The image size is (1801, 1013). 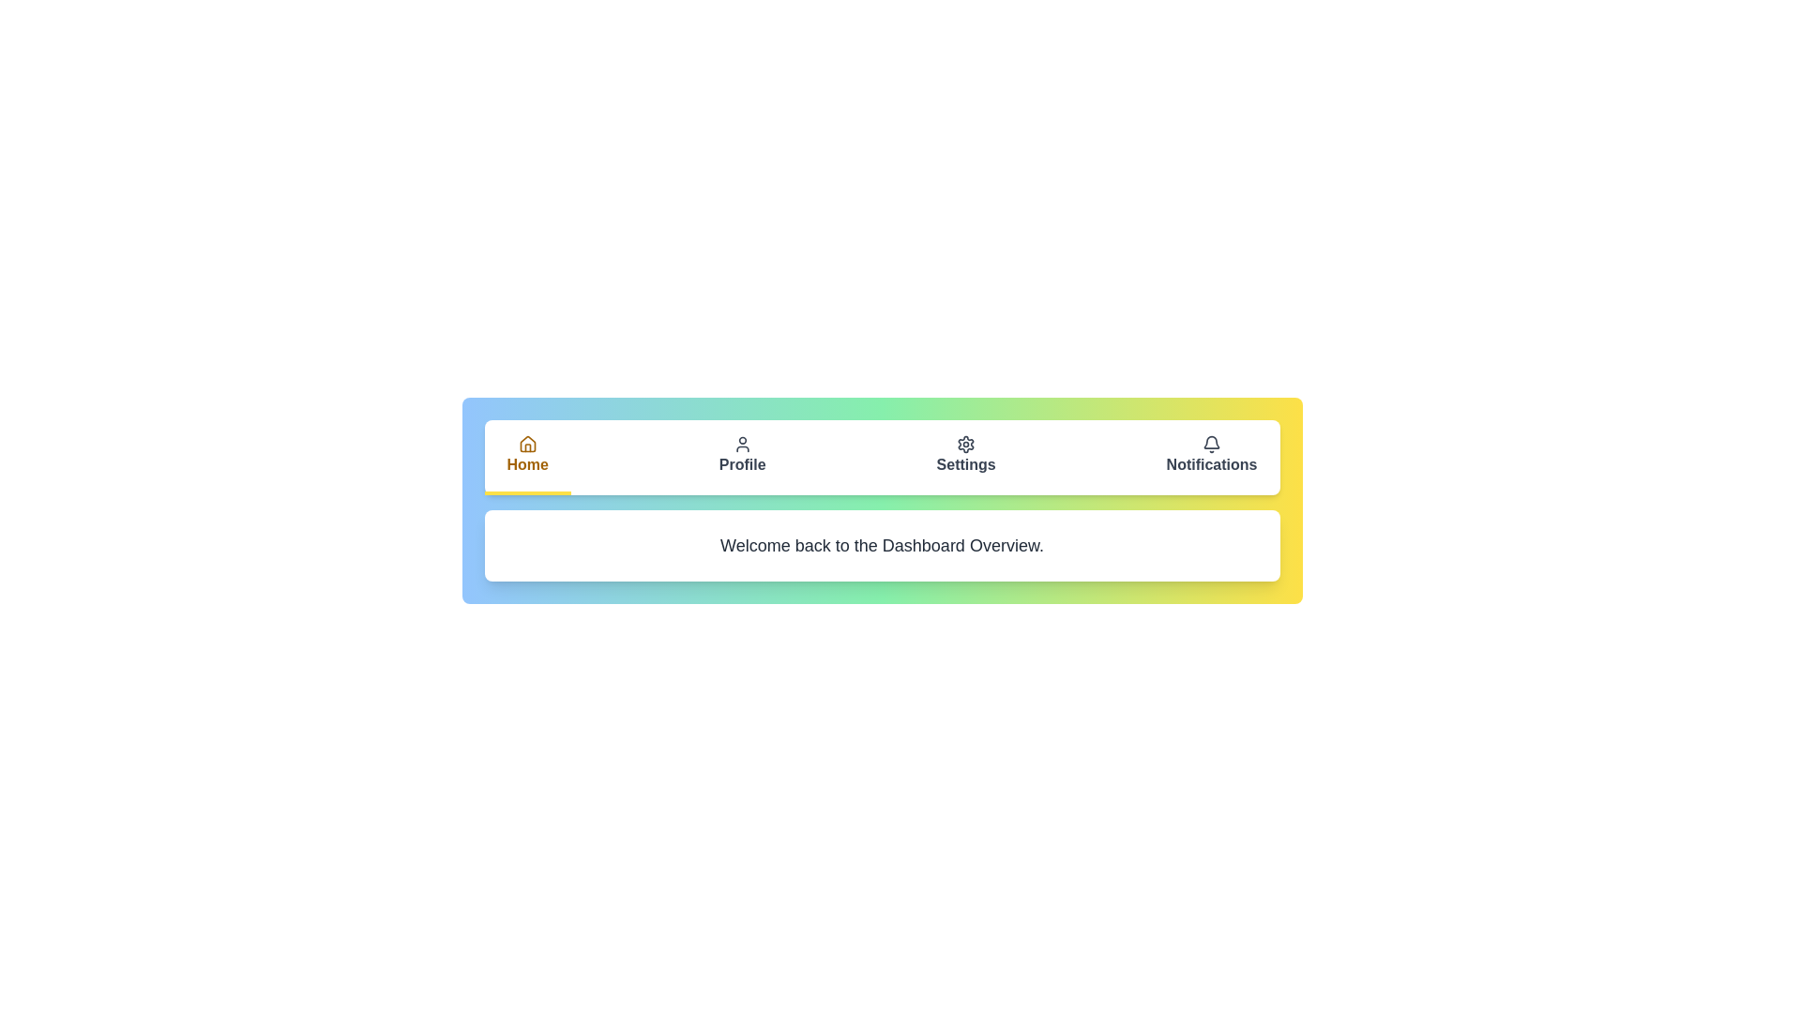 What do you see at coordinates (741, 458) in the screenshot?
I see `the Profile navigation button located in the horizontal navigation bar at the top center of the interface` at bounding box center [741, 458].